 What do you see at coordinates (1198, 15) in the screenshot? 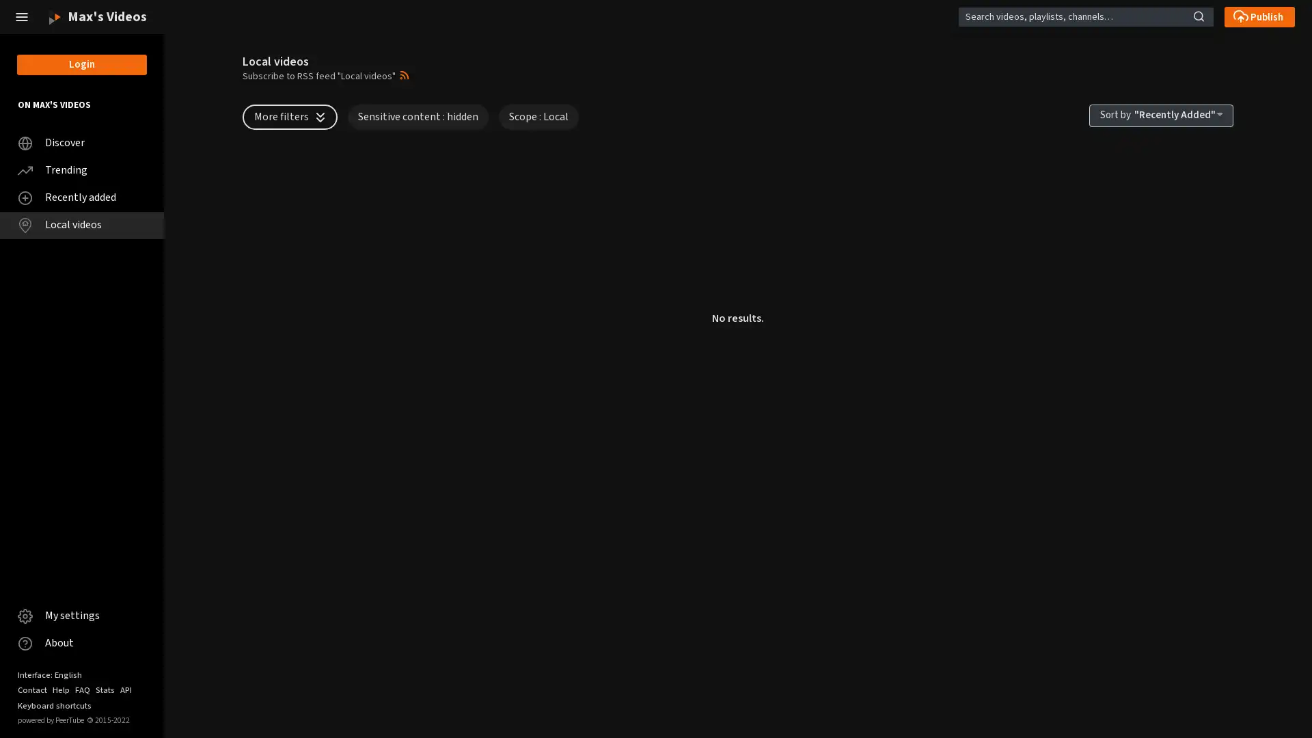
I see `Search` at bounding box center [1198, 15].